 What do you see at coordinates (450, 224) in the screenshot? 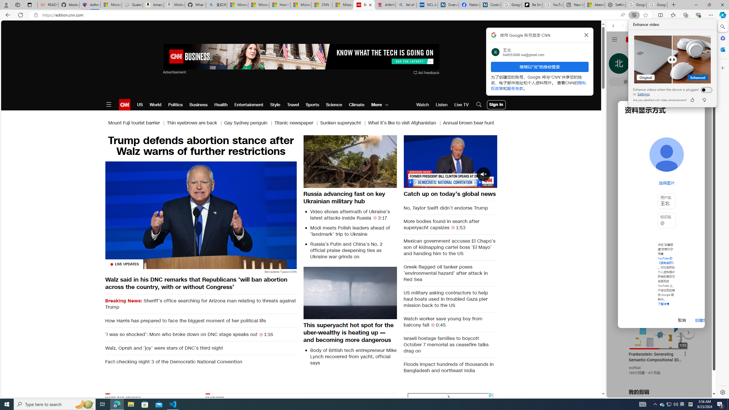
I see `'More bodies found in search after superyacht capsizes 1:53'` at bounding box center [450, 224].